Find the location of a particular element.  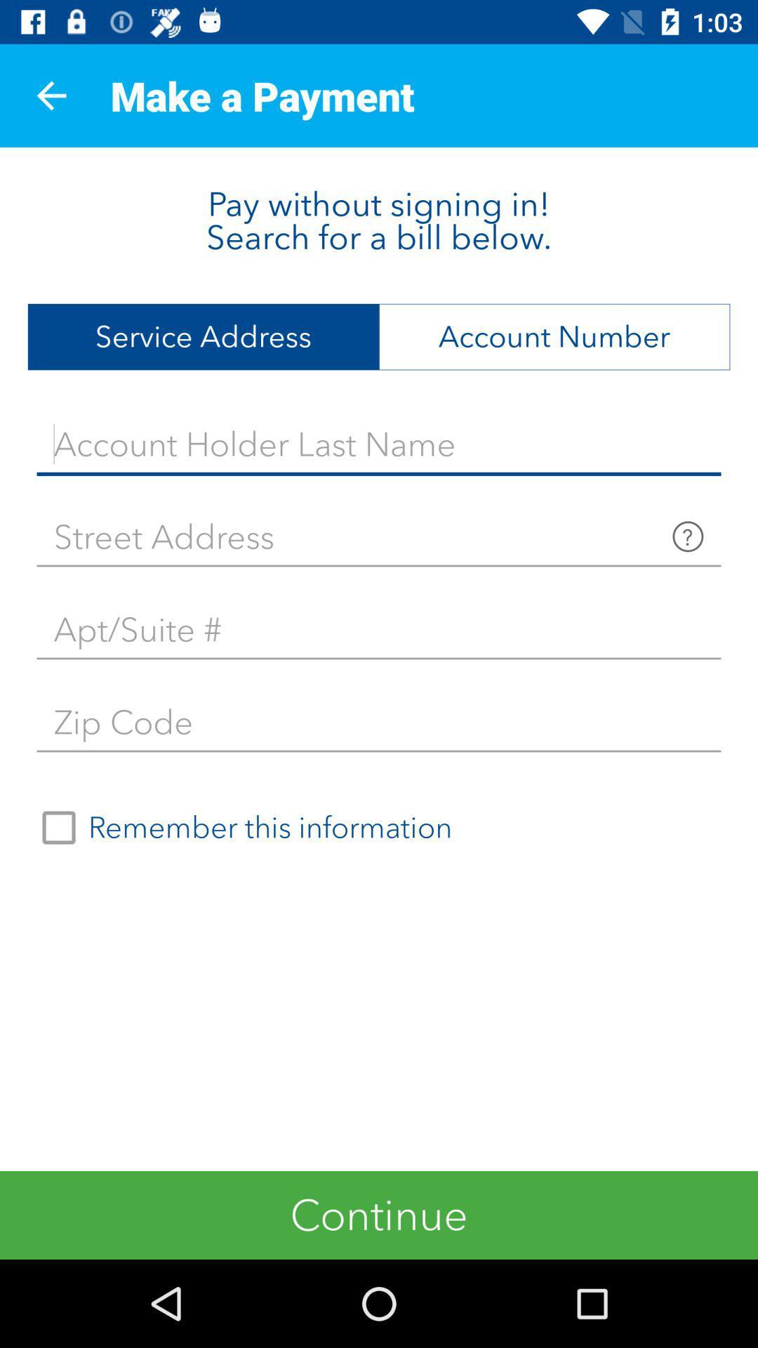

item to the left of the account number item is located at coordinates (203, 337).